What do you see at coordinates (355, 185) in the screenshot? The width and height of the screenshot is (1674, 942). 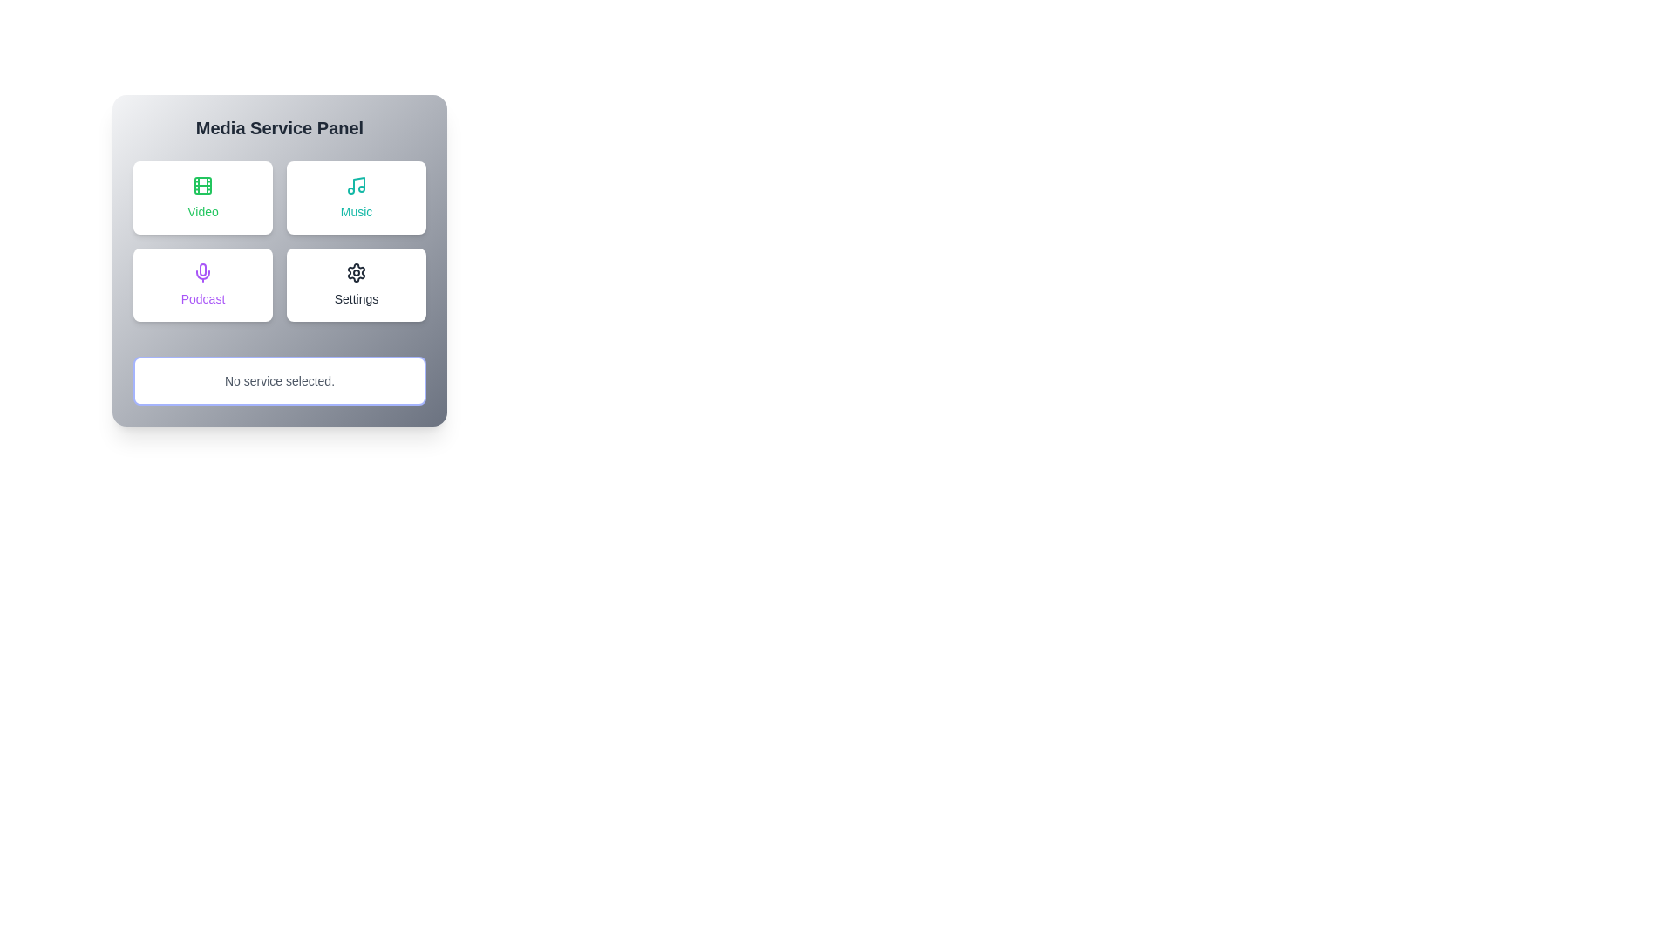 I see `the 'Music' service option icon located in the top-right section of the service options grid` at bounding box center [355, 185].